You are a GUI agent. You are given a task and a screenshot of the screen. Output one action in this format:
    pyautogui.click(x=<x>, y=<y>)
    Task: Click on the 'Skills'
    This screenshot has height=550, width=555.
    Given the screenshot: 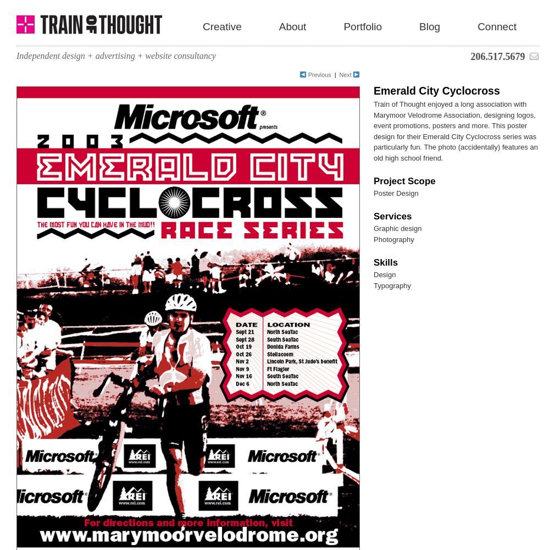 What is the action you would take?
    pyautogui.click(x=385, y=261)
    